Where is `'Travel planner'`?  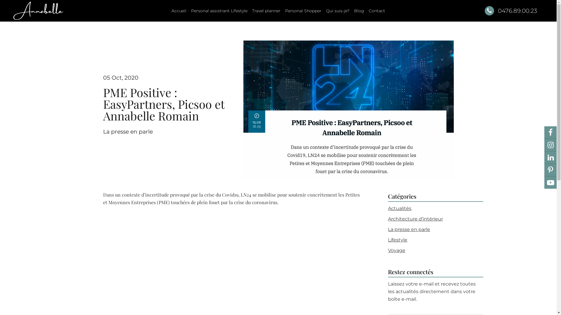 'Travel planner' is located at coordinates (266, 11).